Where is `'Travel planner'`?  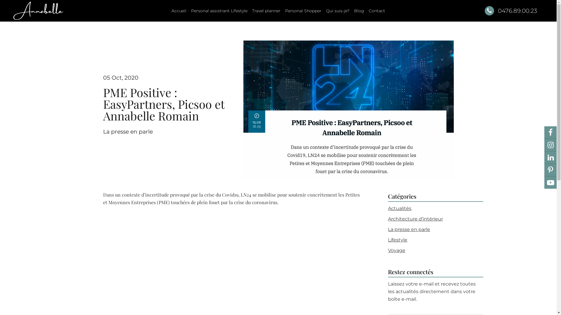 'Travel planner' is located at coordinates (266, 11).